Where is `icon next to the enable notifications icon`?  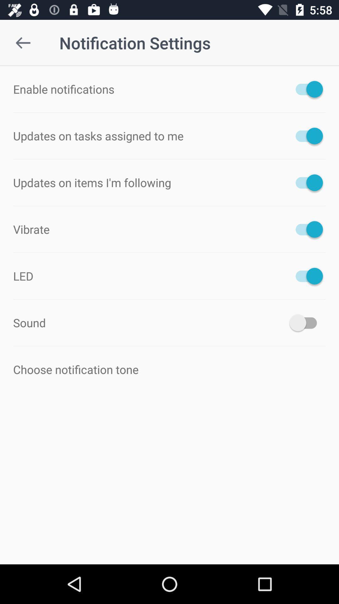
icon next to the enable notifications icon is located at coordinates (306, 89).